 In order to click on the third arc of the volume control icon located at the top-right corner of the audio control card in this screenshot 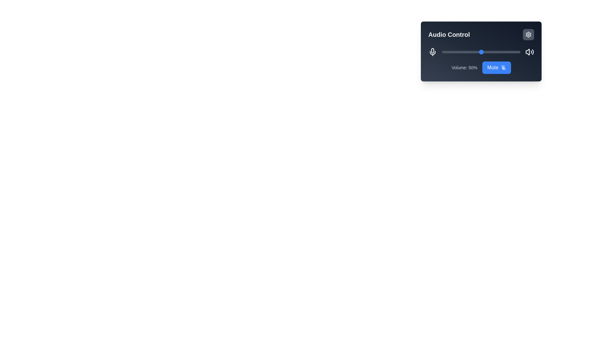, I will do `click(533, 51)`.